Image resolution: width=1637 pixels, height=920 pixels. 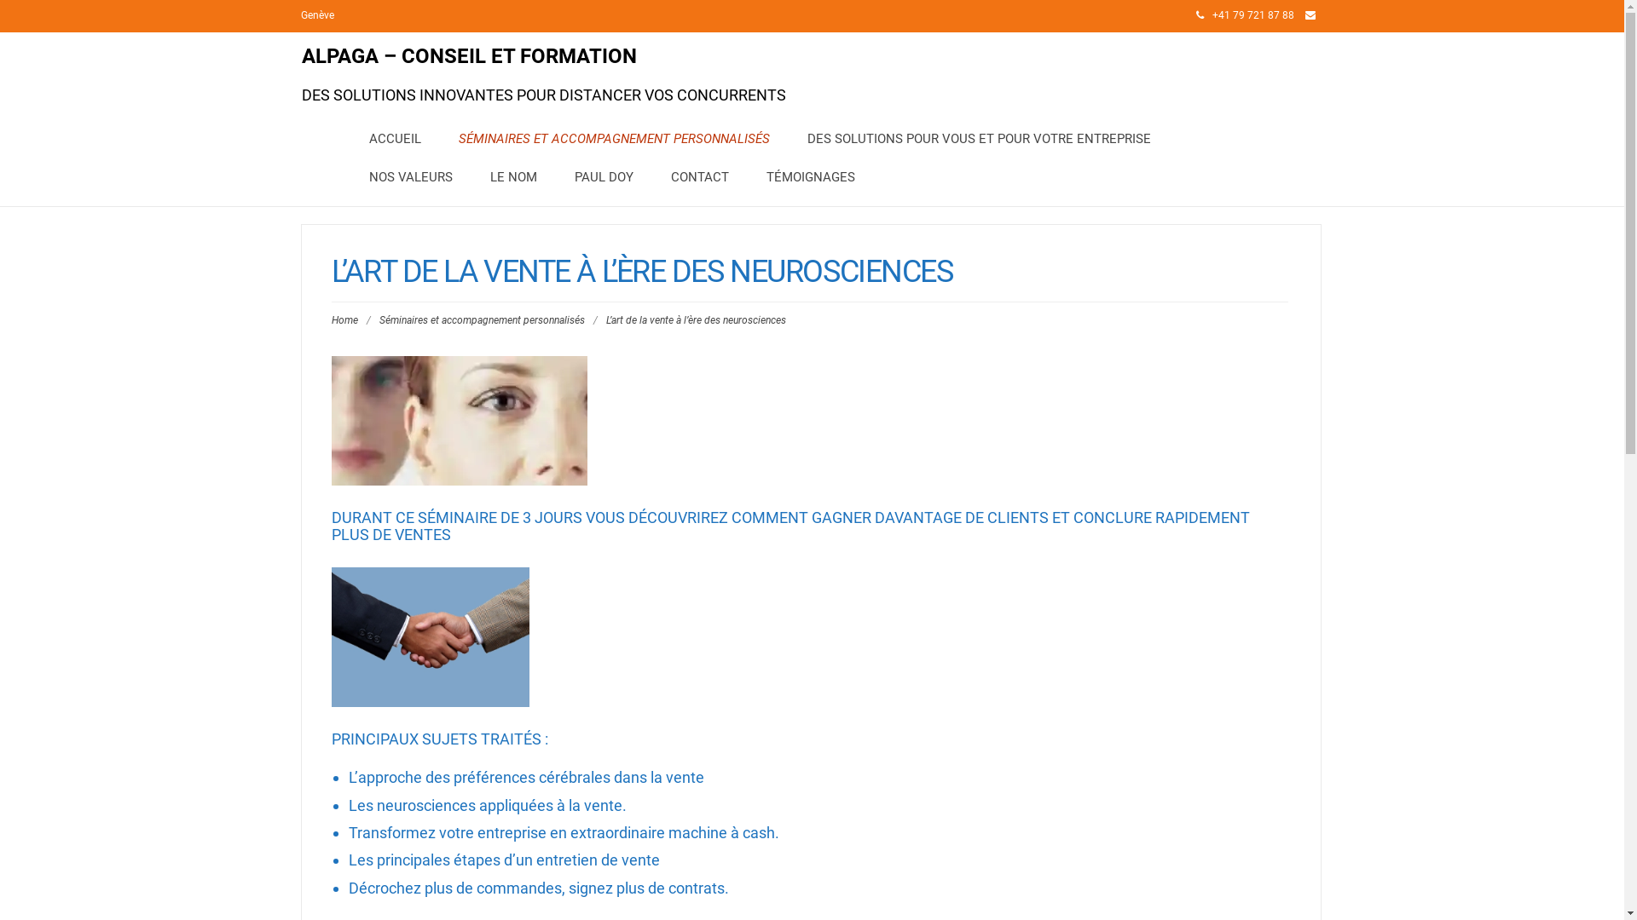 I want to click on 'Home', so click(x=331, y=319).